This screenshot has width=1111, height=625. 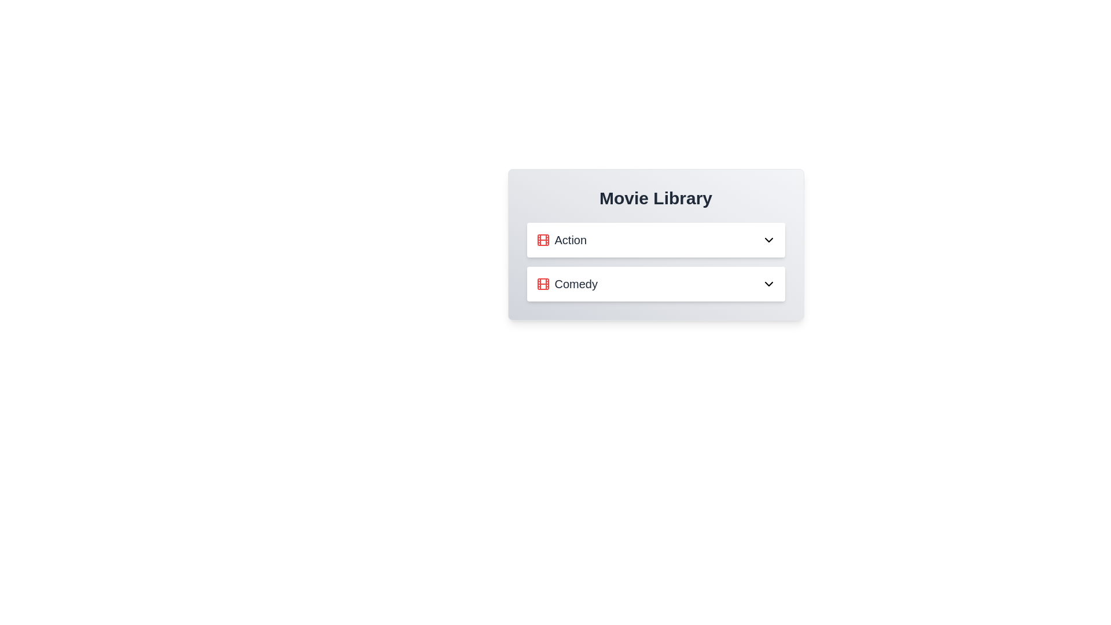 What do you see at coordinates (656, 240) in the screenshot?
I see `the text of the genre name Action` at bounding box center [656, 240].